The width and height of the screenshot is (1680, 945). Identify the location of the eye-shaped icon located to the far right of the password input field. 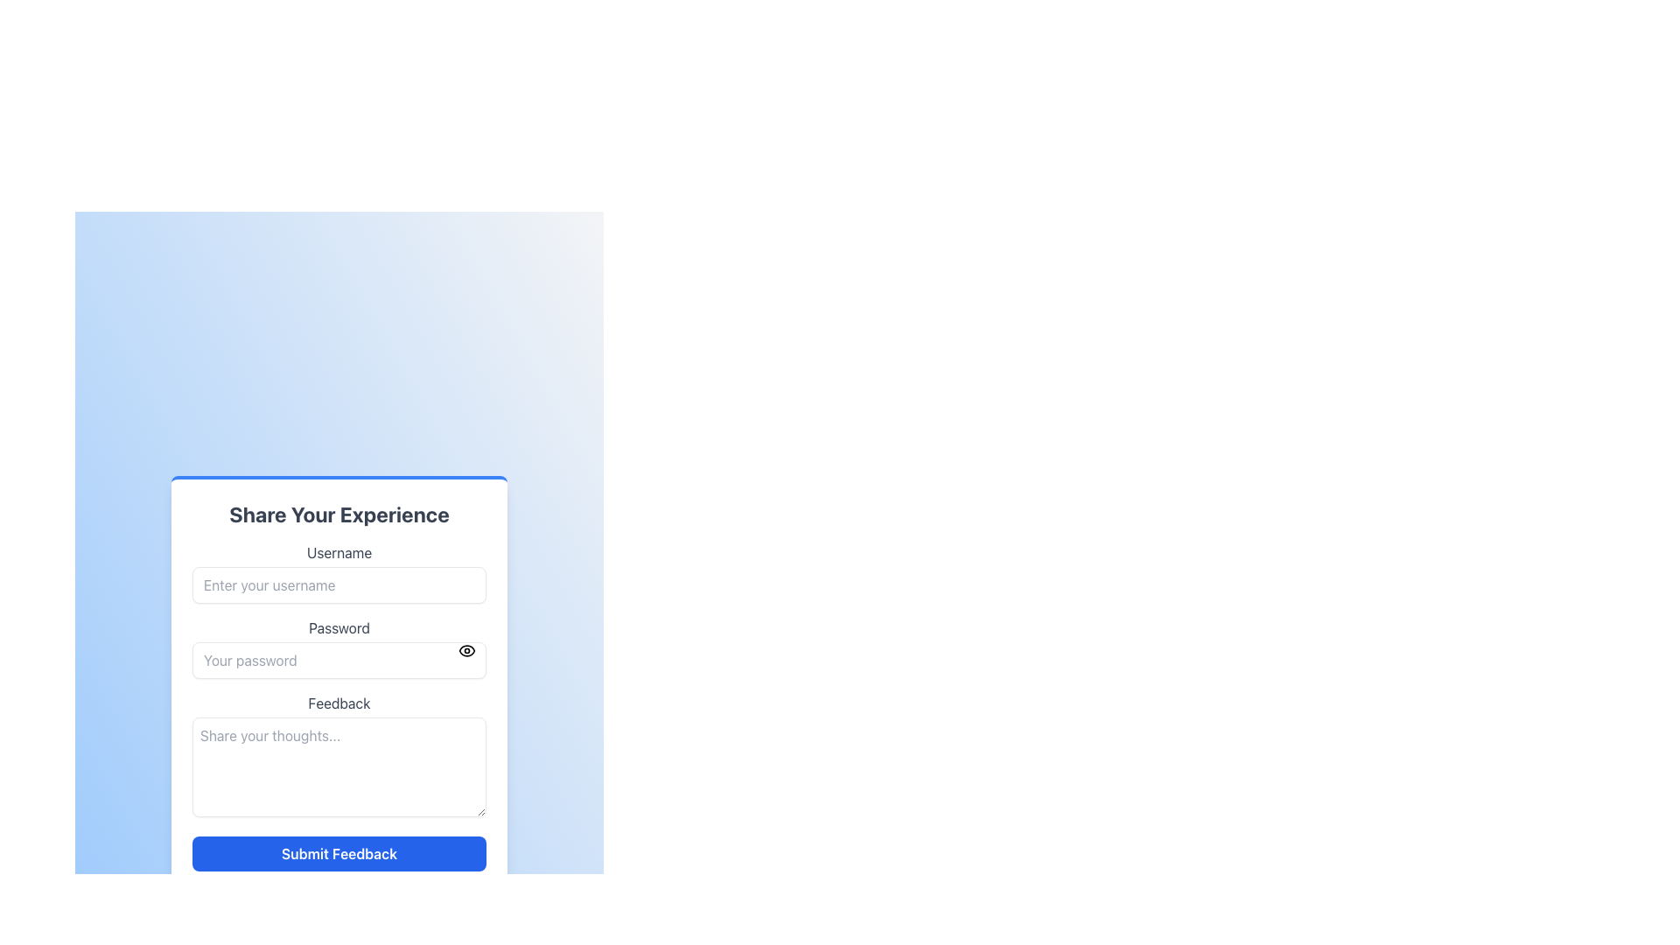
(466, 651).